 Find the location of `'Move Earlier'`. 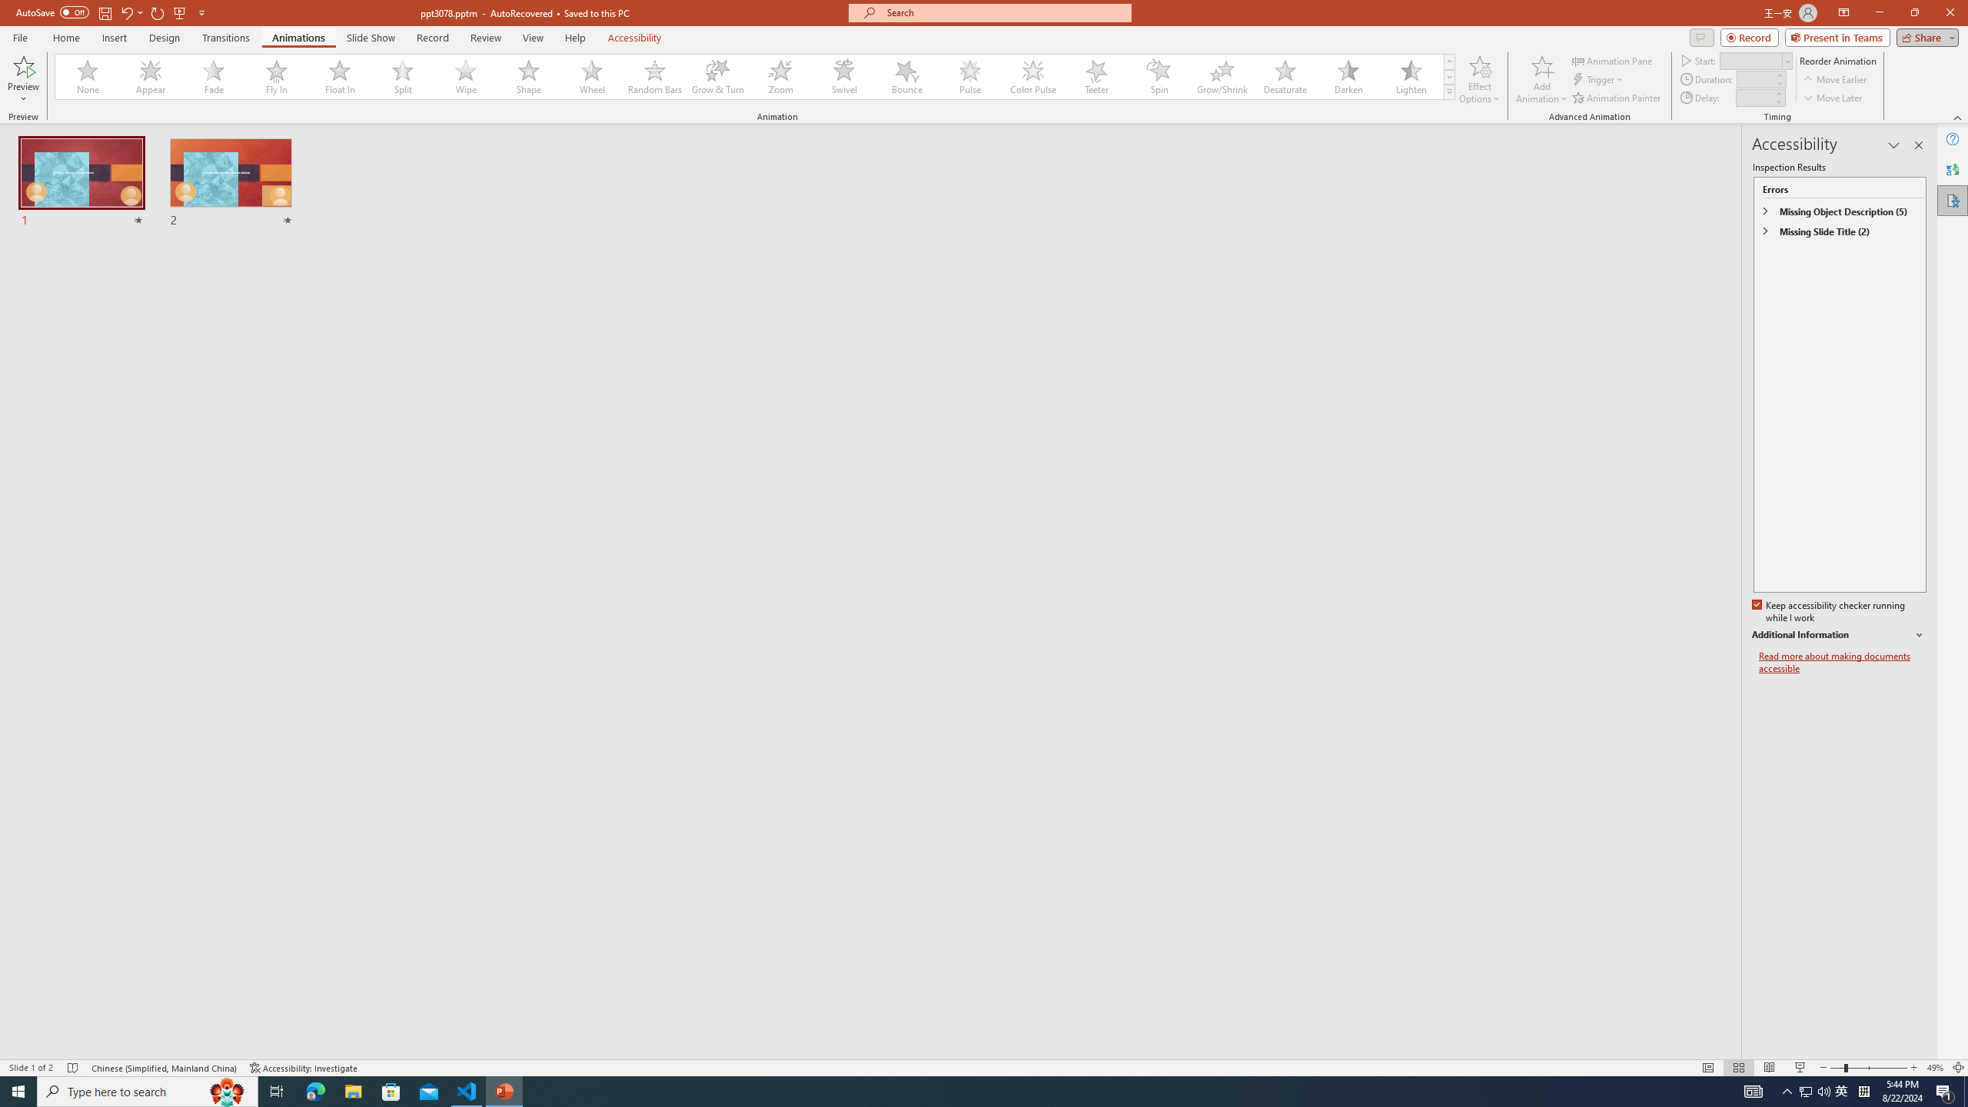

'Move Earlier' is located at coordinates (1834, 79).